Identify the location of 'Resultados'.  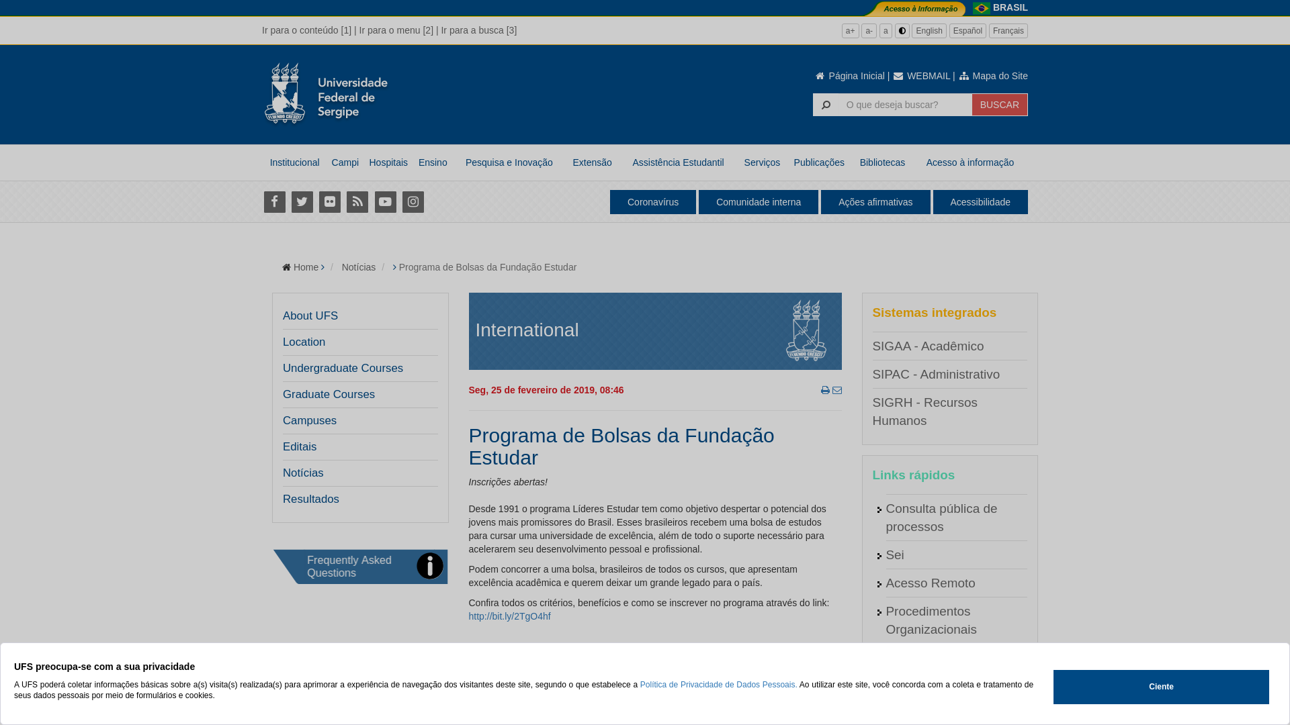
(310, 499).